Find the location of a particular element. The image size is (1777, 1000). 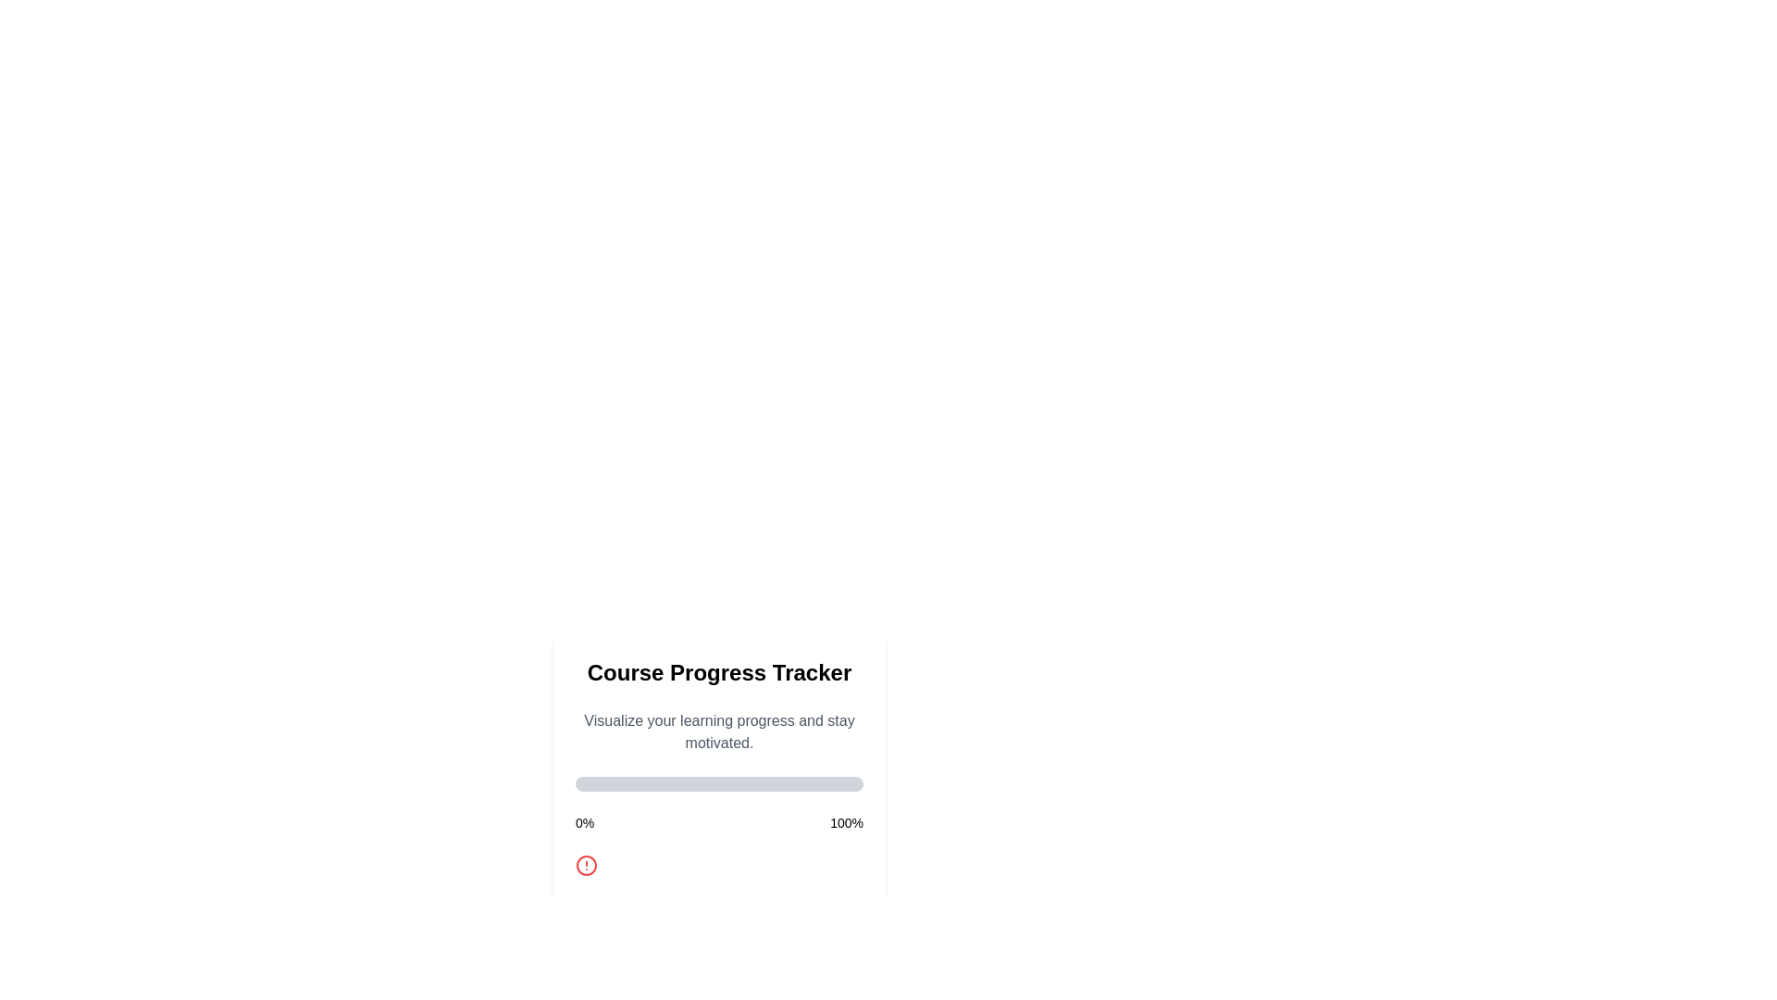

motivational text located directly below the 'Course Progress Tracker' title and above the horizontal progress bar is located at coordinates (718, 731).